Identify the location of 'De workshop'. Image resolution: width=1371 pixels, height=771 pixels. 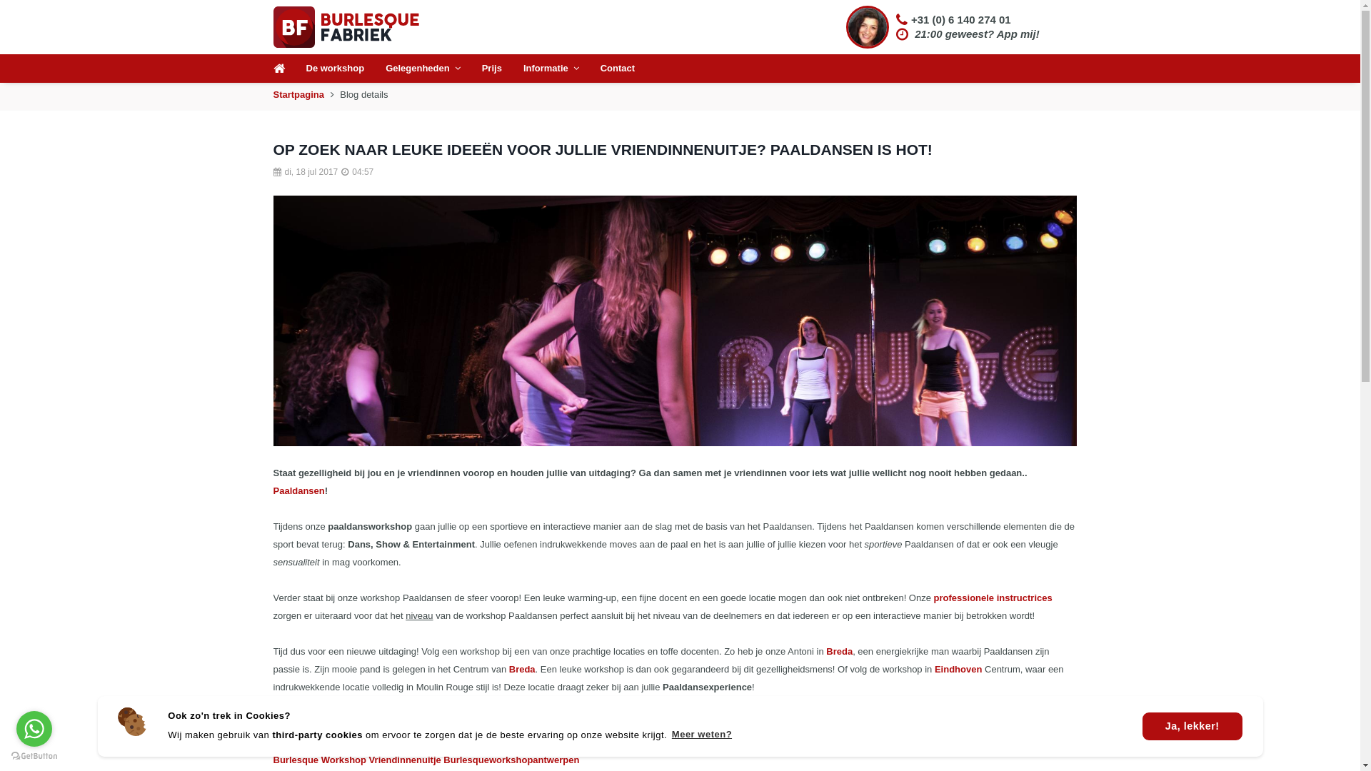
(334, 69).